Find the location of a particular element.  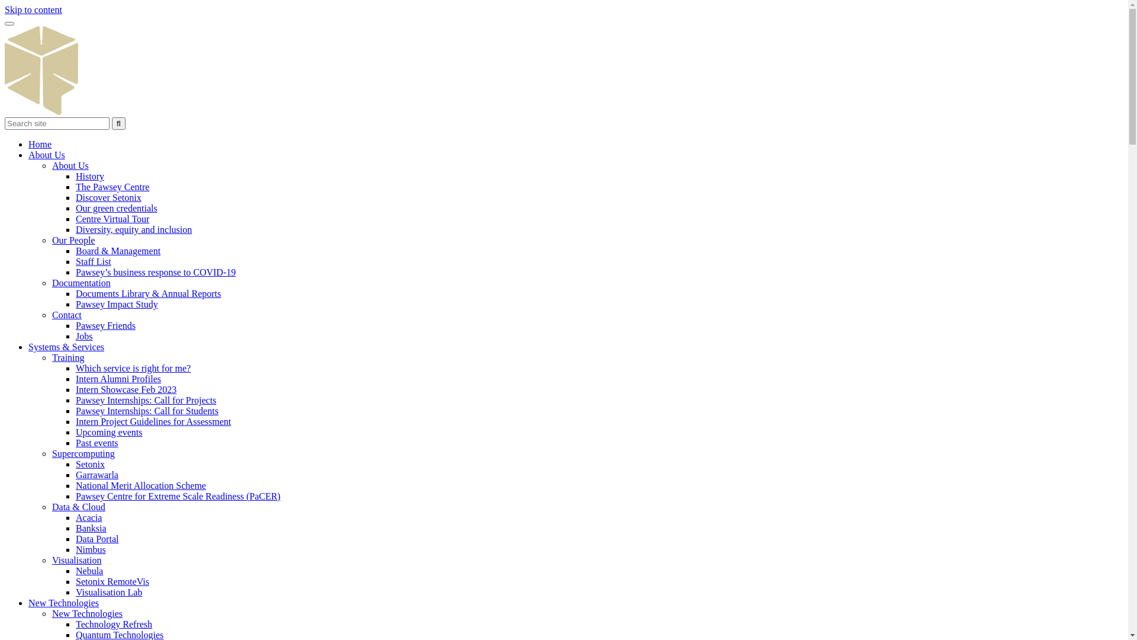

'Which service is right for me?' is located at coordinates (133, 367).